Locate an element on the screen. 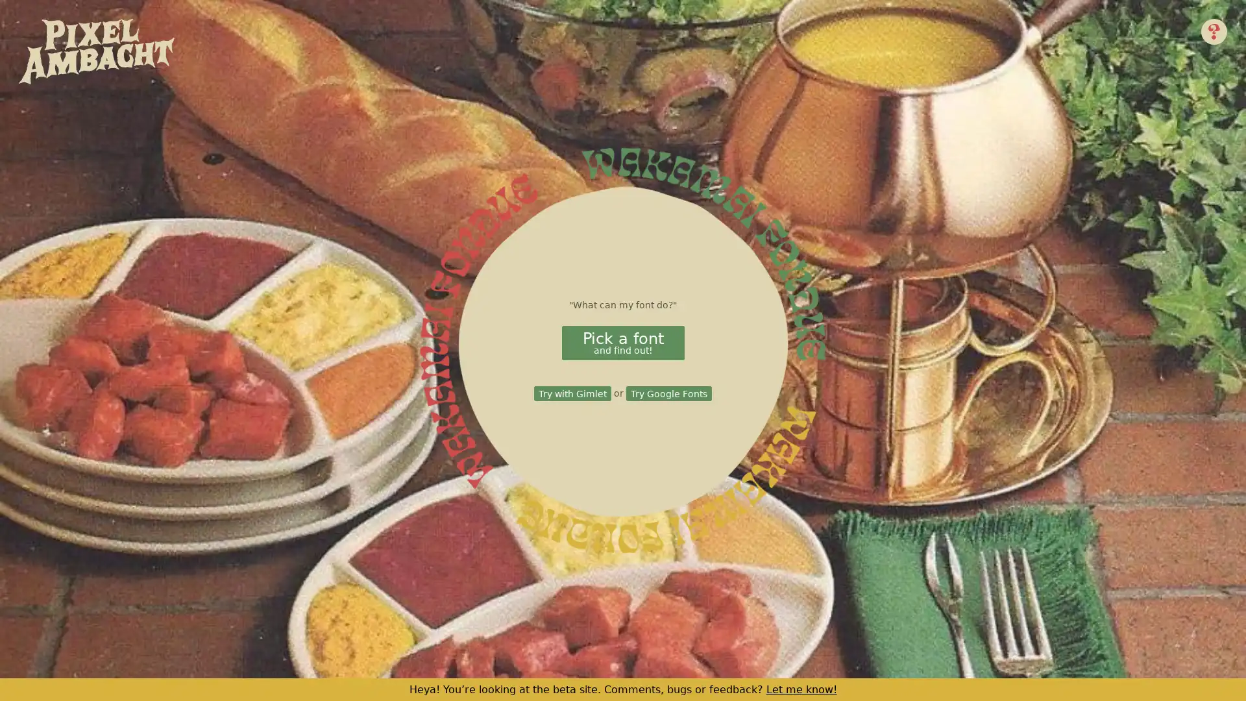 The height and width of the screenshot is (701, 1246). Info is located at coordinates (1214, 30).